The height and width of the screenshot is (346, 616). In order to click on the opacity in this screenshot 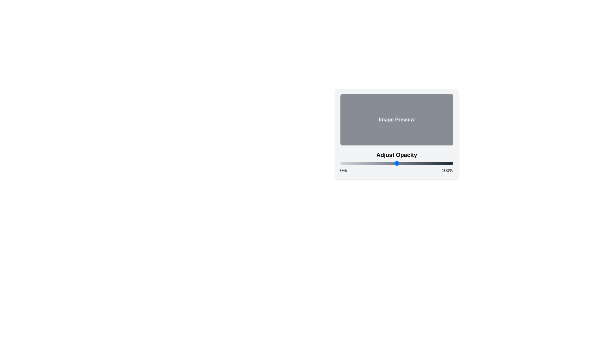, I will do `click(352, 163)`.